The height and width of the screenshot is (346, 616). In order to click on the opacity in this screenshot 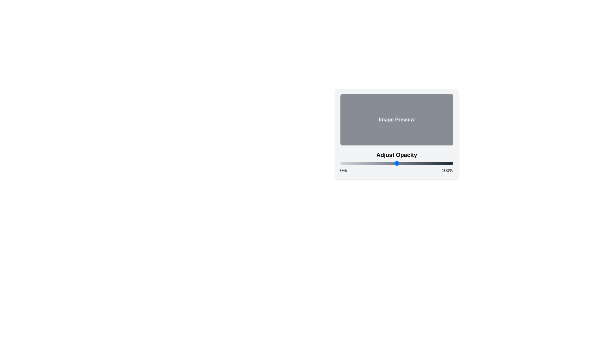, I will do `click(352, 163)`.